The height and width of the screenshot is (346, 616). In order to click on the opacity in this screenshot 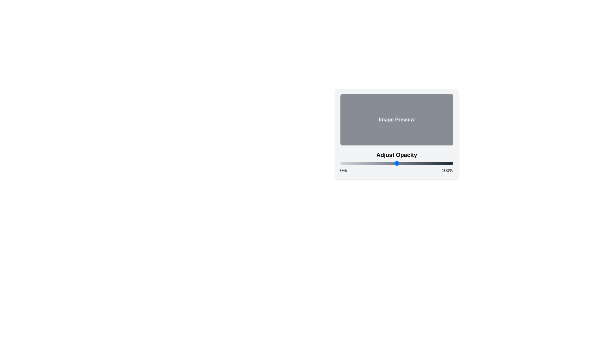, I will do `click(352, 163)`.